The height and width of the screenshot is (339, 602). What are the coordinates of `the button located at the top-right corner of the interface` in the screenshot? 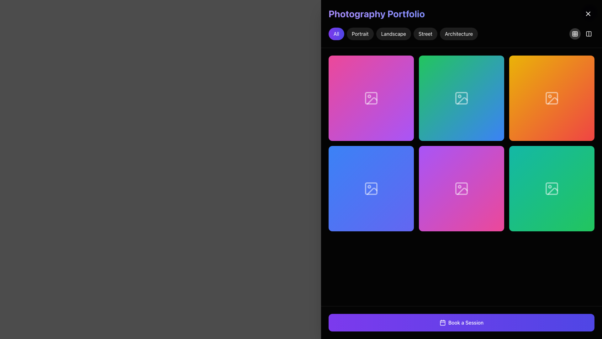 It's located at (588, 34).